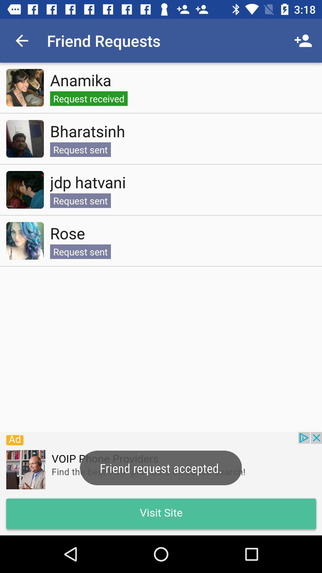 The height and width of the screenshot is (573, 322). Describe the element at coordinates (25, 190) in the screenshot. I see `user` at that location.